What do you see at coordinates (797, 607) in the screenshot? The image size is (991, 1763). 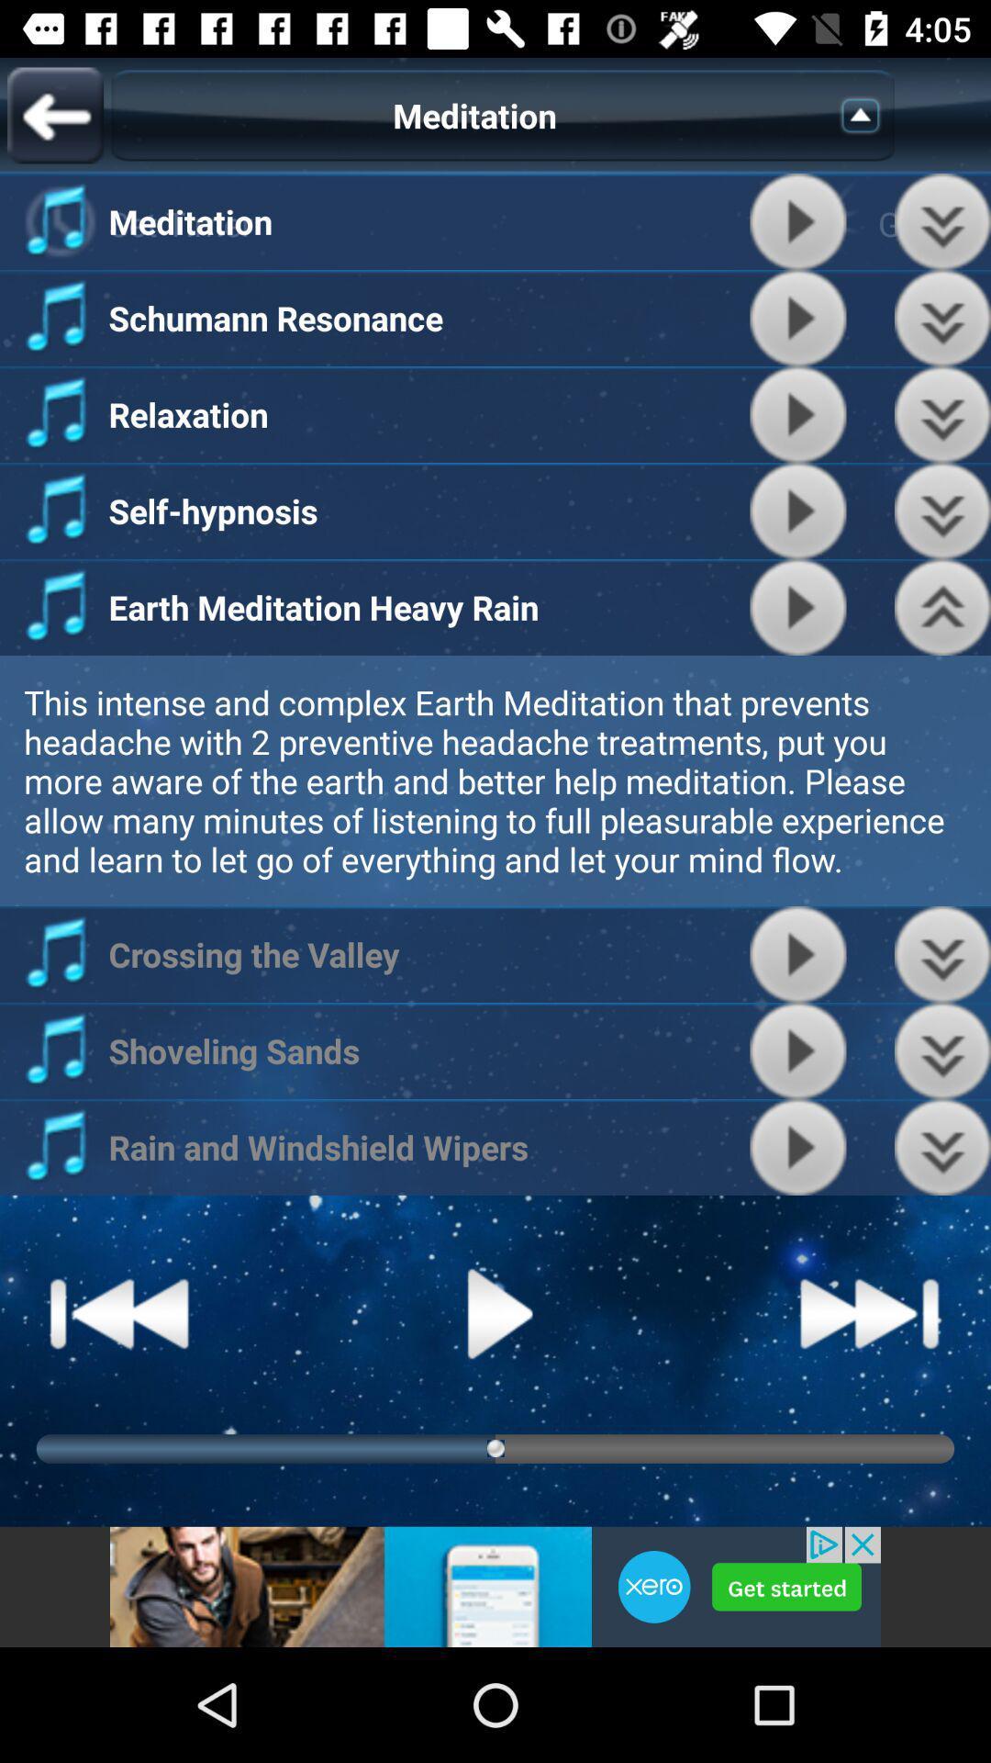 I see `play` at bounding box center [797, 607].